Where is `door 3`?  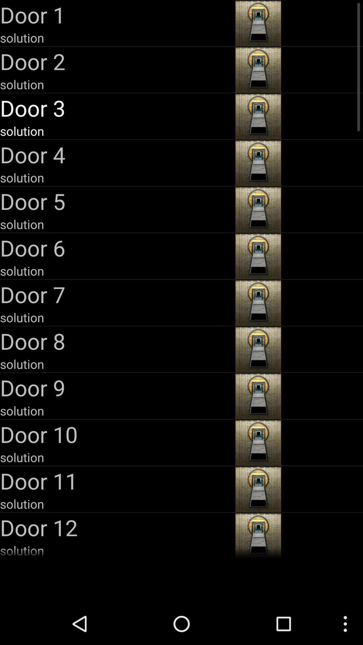
door 3 is located at coordinates (116, 108).